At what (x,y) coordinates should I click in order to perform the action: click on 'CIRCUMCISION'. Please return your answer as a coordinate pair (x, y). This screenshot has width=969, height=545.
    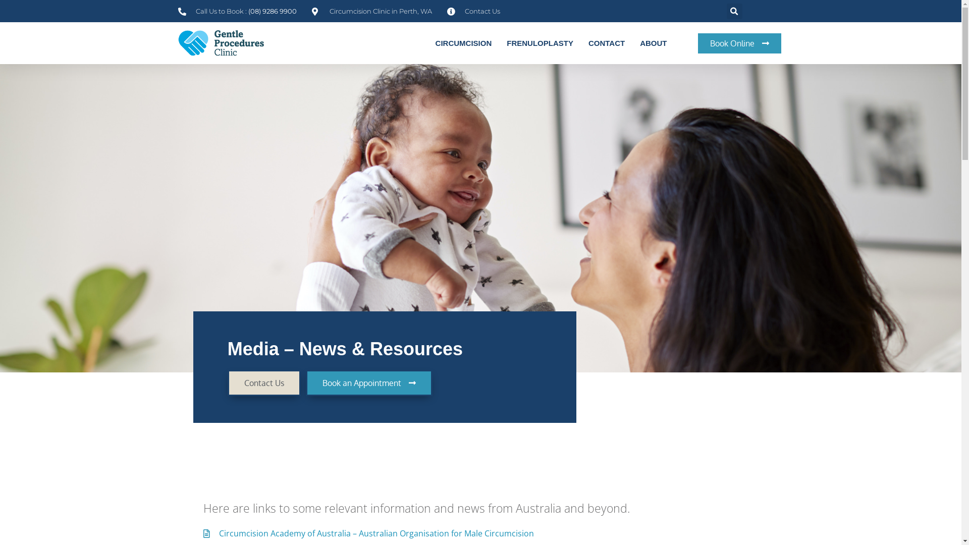
    Looking at the image, I should click on (463, 42).